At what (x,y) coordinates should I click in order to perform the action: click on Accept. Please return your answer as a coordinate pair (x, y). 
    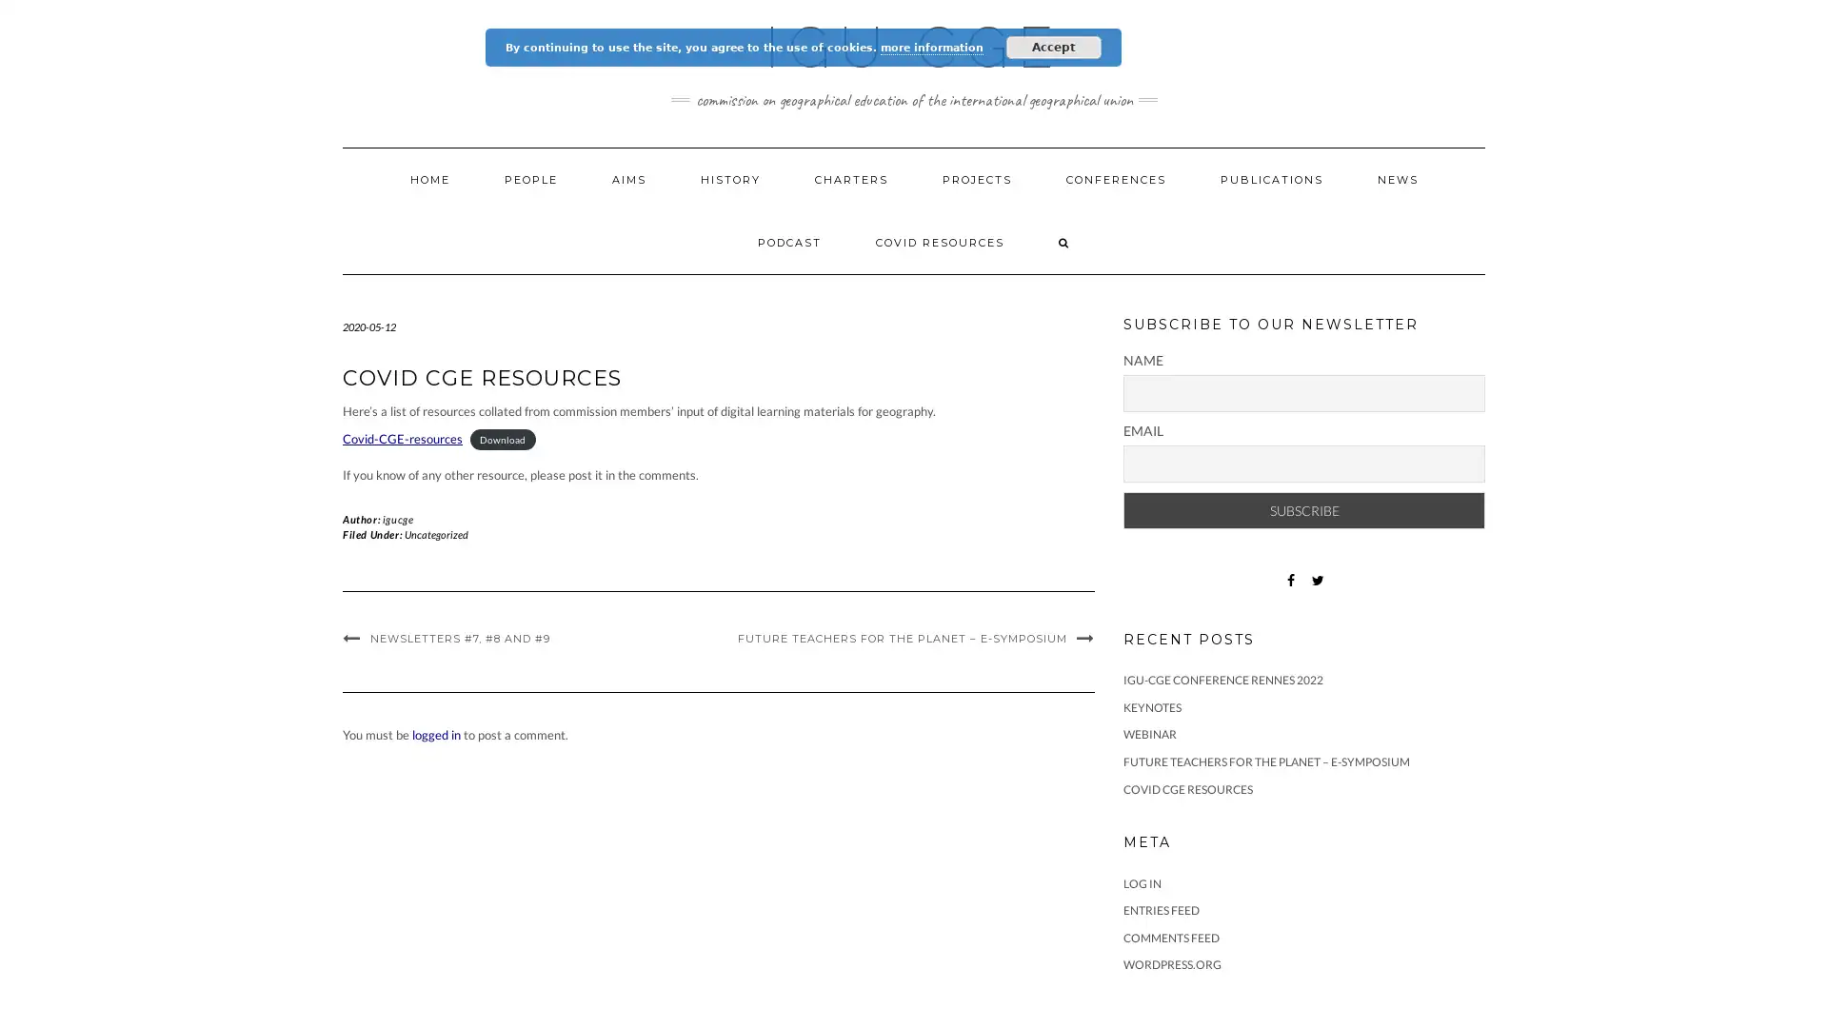
    Looking at the image, I should click on (1053, 47).